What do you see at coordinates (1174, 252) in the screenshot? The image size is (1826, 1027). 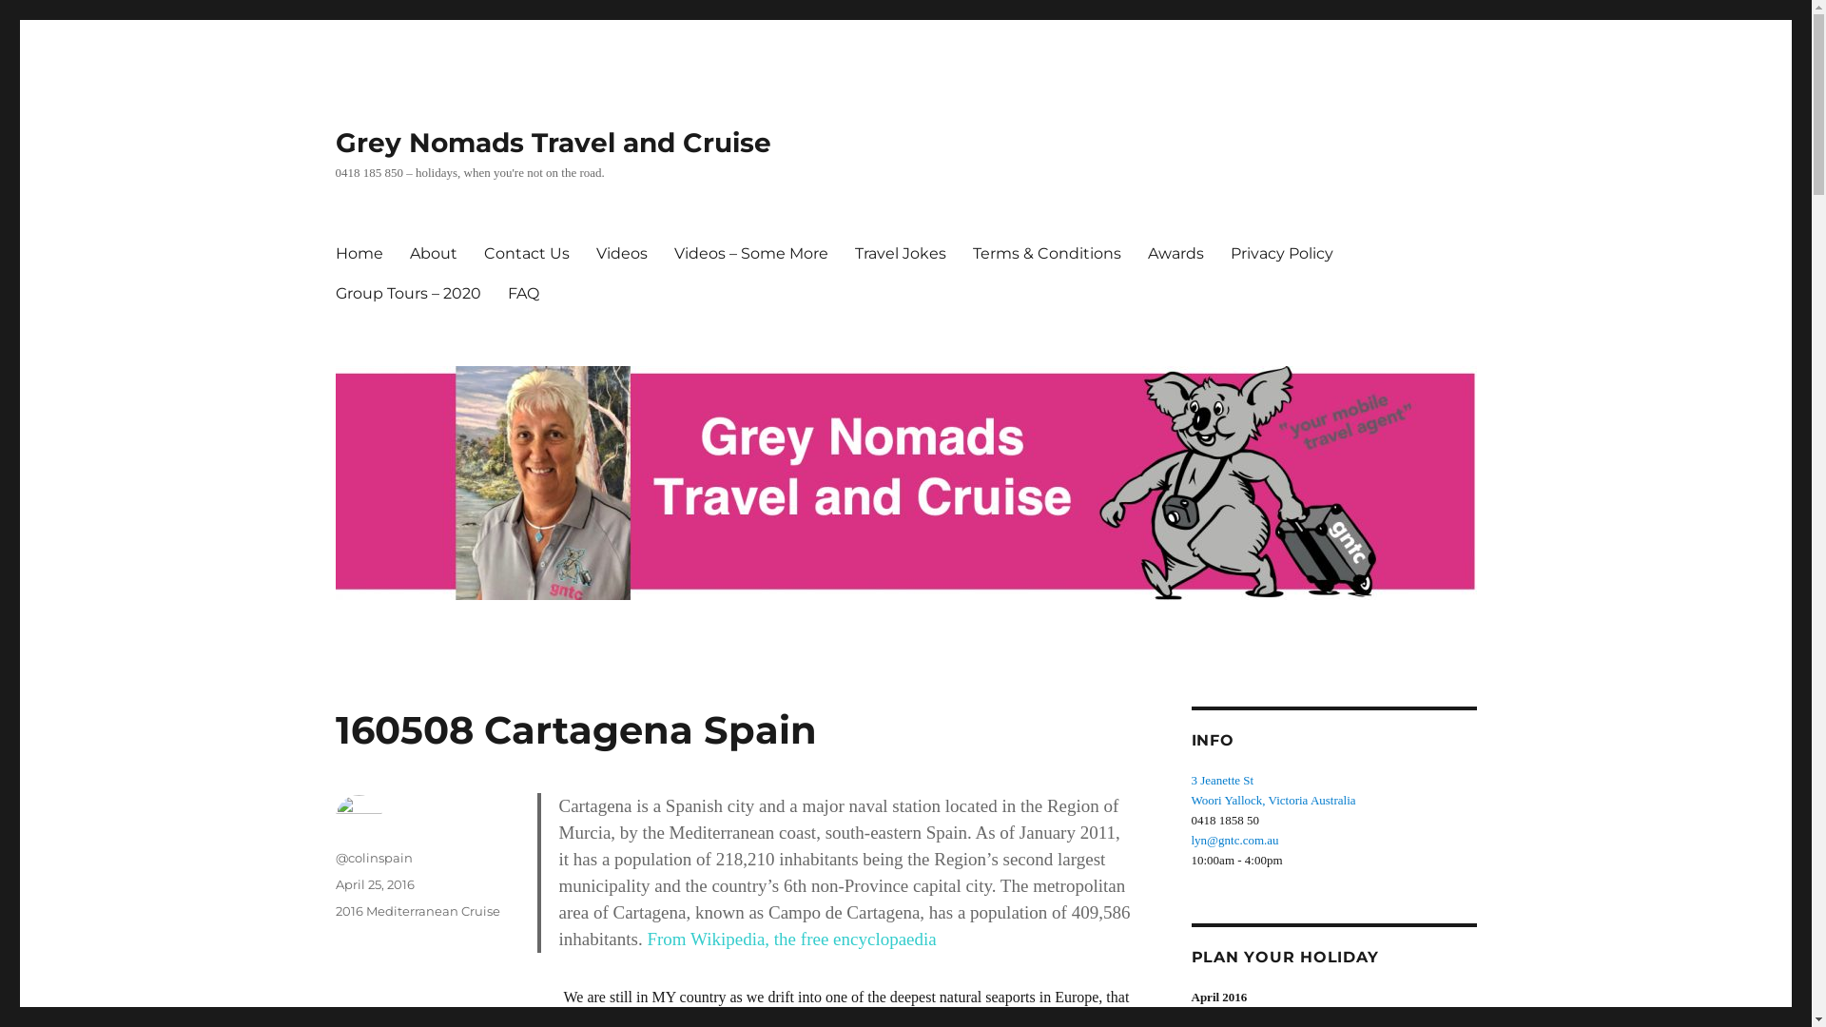 I see `'Awards'` at bounding box center [1174, 252].